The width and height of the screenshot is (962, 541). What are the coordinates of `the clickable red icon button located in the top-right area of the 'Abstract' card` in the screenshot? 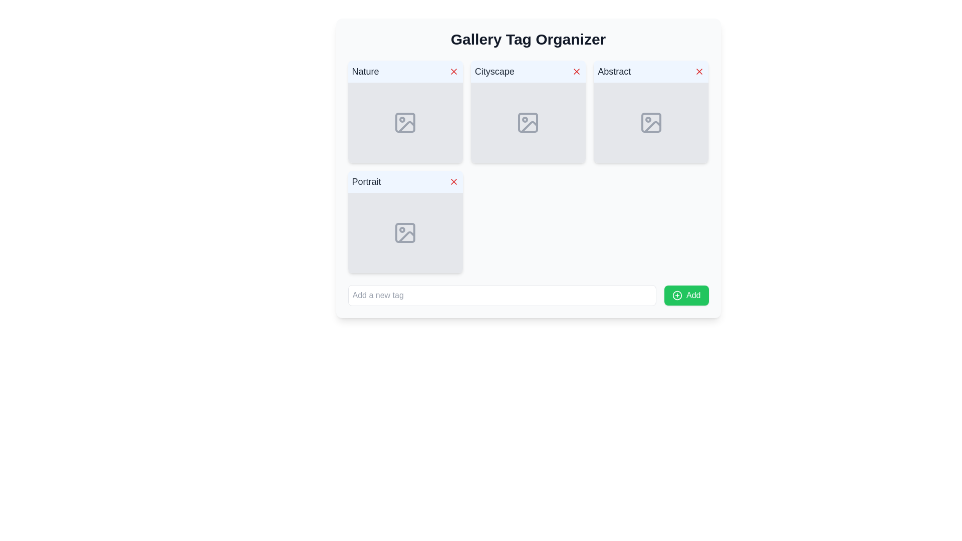 It's located at (699, 71).